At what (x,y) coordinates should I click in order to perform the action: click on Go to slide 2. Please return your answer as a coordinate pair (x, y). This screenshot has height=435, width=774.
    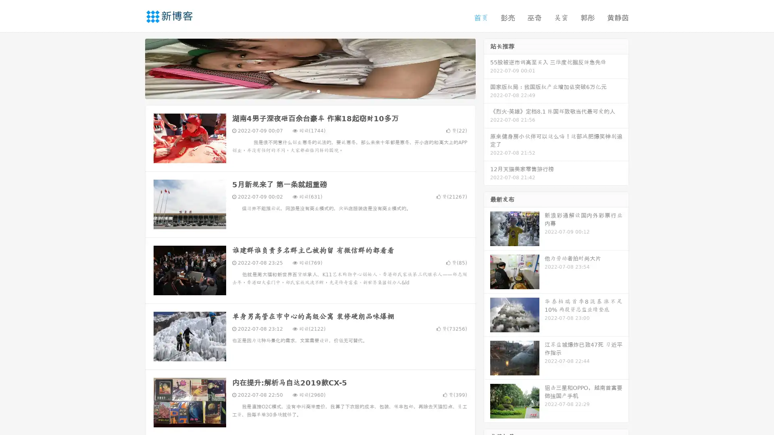
    Looking at the image, I should click on (310, 91).